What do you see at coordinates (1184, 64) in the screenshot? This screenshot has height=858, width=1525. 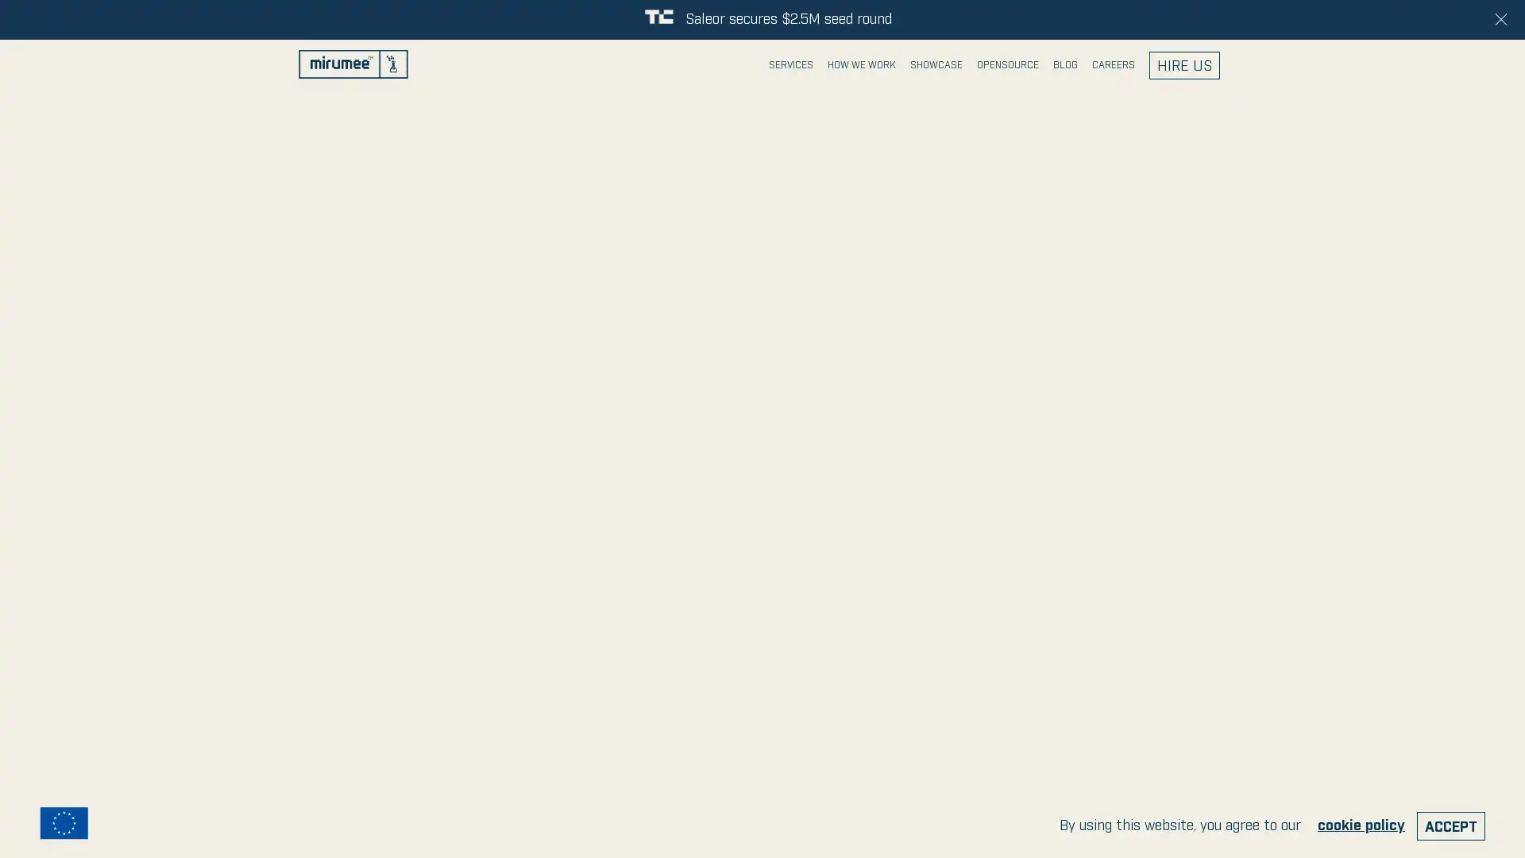 I see `HIRE US` at bounding box center [1184, 64].